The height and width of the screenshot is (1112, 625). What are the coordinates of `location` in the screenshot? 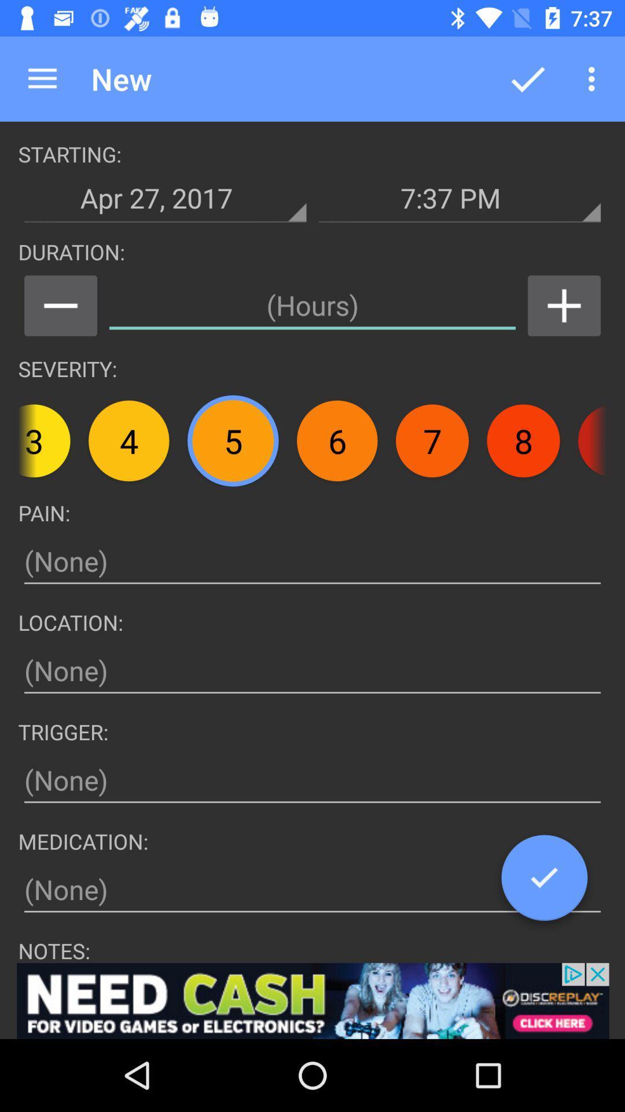 It's located at (312, 671).